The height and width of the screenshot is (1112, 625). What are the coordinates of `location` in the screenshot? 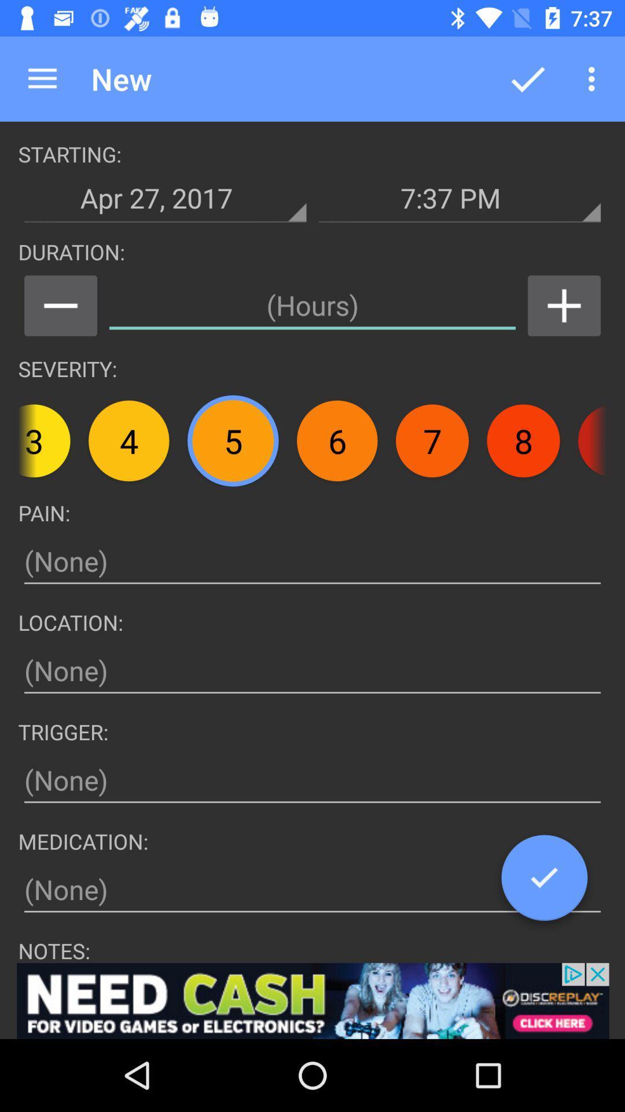 It's located at (312, 671).